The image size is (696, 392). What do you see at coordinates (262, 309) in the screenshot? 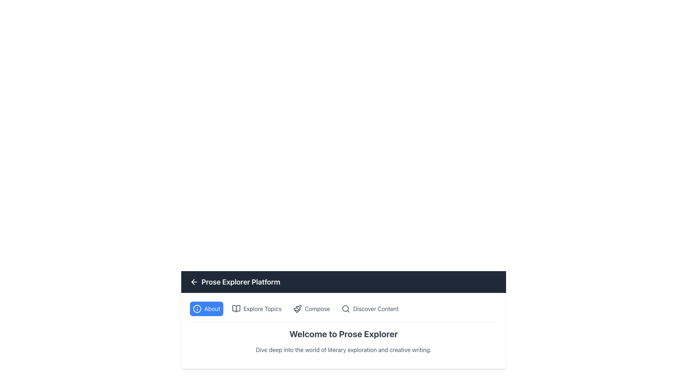
I see `the text label 'Explore Topics' which is styled with a sans-serif font and located in the horizontal navigation bar, positioned to the right of an open book icon` at bounding box center [262, 309].